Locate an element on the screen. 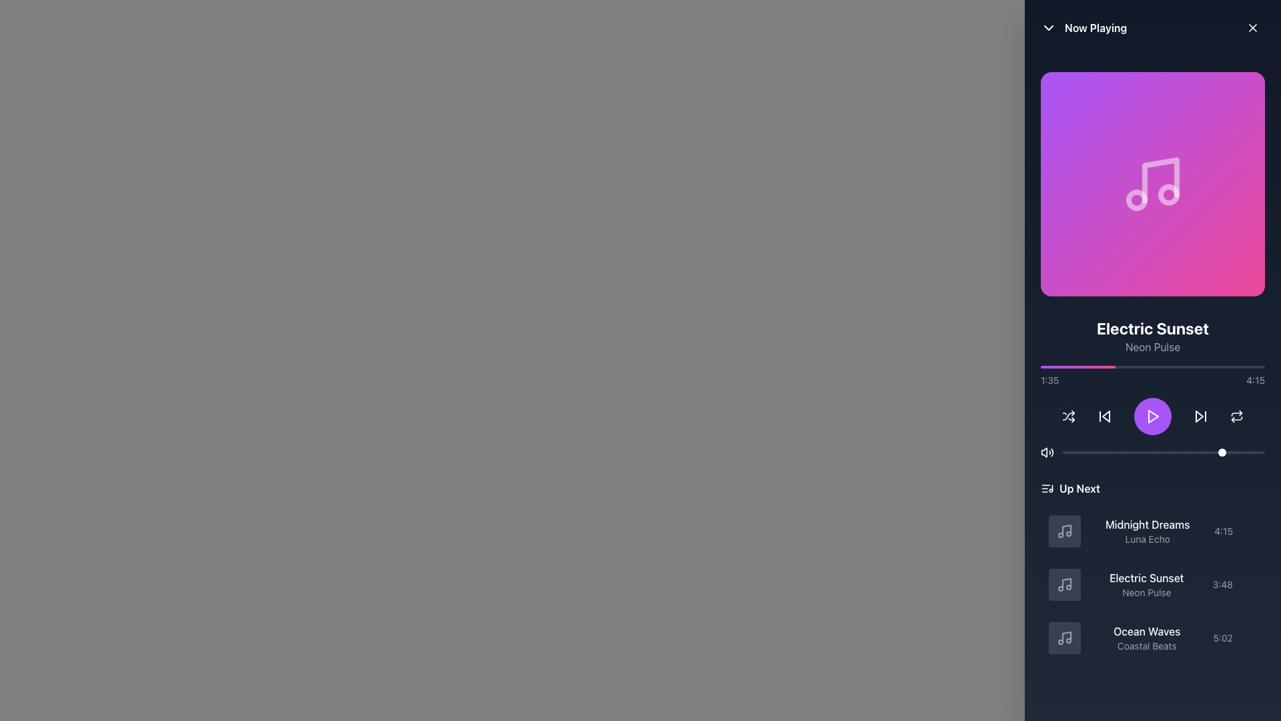  the progress bar with time indicators located below the song title 'Electric Sunset' and subtitle 'Neon Pulse' is located at coordinates (1152, 376).